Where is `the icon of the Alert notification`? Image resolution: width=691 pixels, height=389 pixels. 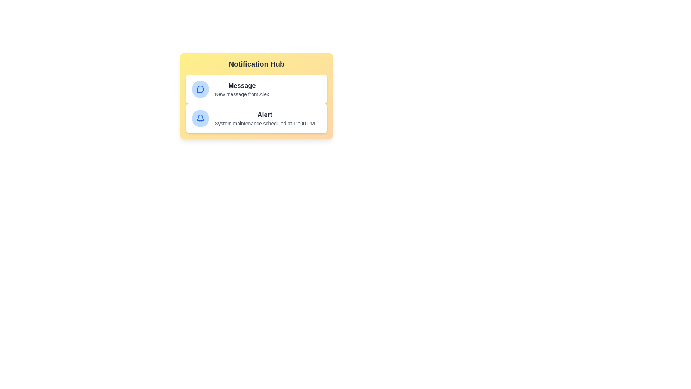 the icon of the Alert notification is located at coordinates (200, 118).